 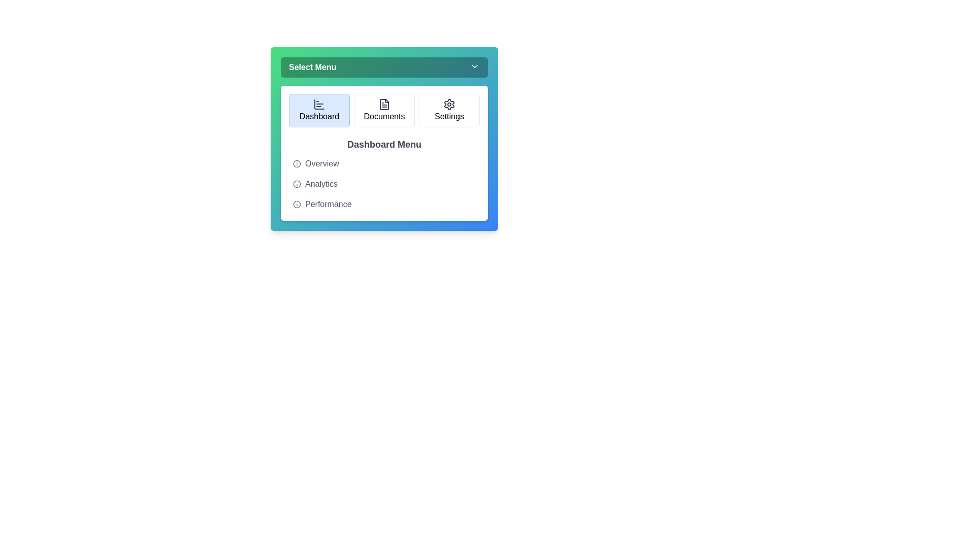 I want to click on the 'Dashboard' button, which is a light blue rectangular button with rounded corners and a bar chart icon, so click(x=318, y=111).